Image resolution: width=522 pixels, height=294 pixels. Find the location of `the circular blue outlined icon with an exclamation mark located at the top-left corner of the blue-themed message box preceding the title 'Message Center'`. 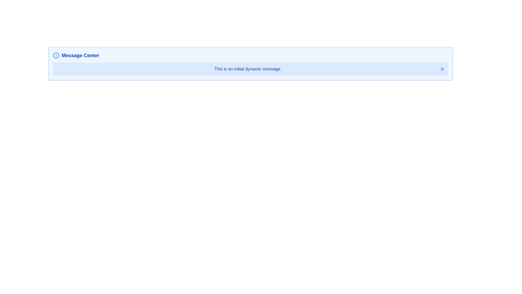

the circular blue outlined icon with an exclamation mark located at the top-left corner of the blue-themed message box preceding the title 'Message Center' is located at coordinates (56, 56).